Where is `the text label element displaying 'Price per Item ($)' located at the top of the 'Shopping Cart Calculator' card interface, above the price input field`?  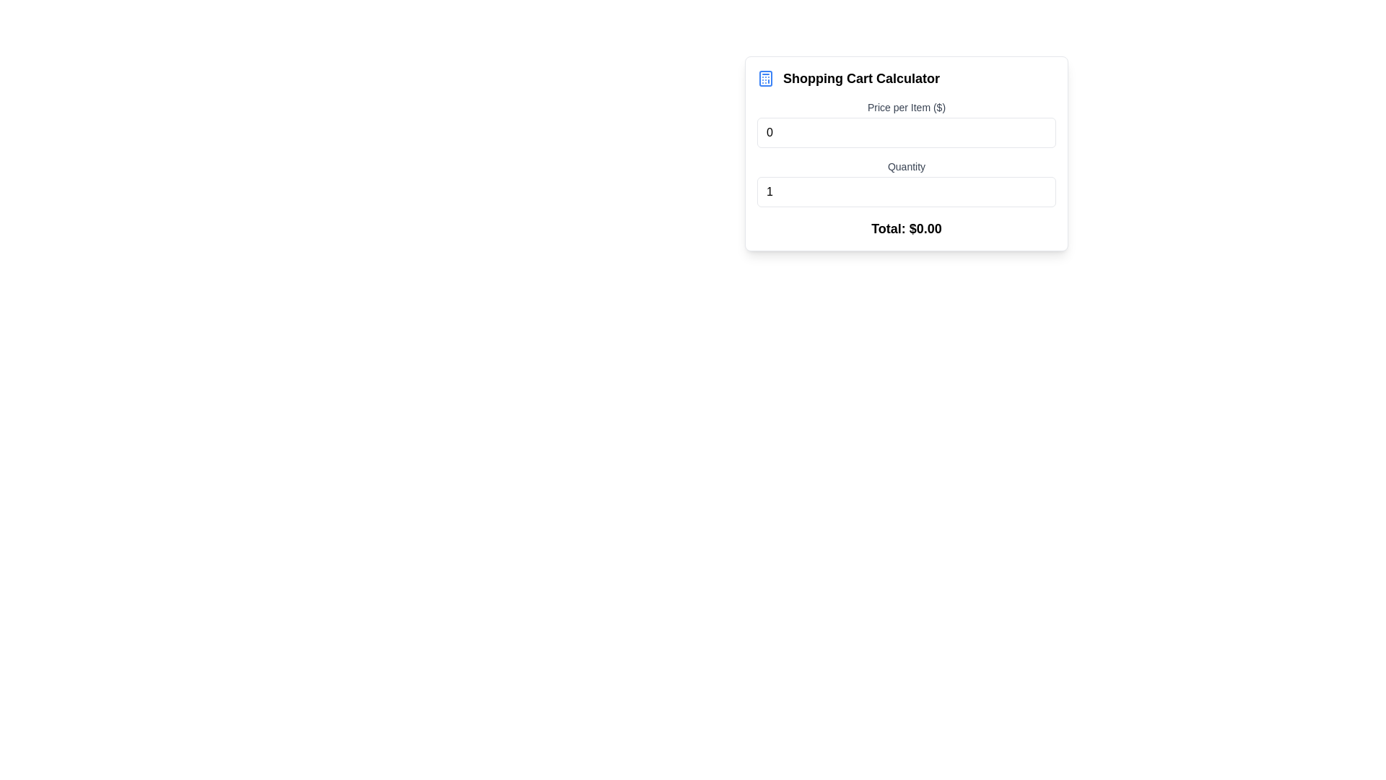
the text label element displaying 'Price per Item ($)' located at the top of the 'Shopping Cart Calculator' card interface, above the price input field is located at coordinates (906, 107).